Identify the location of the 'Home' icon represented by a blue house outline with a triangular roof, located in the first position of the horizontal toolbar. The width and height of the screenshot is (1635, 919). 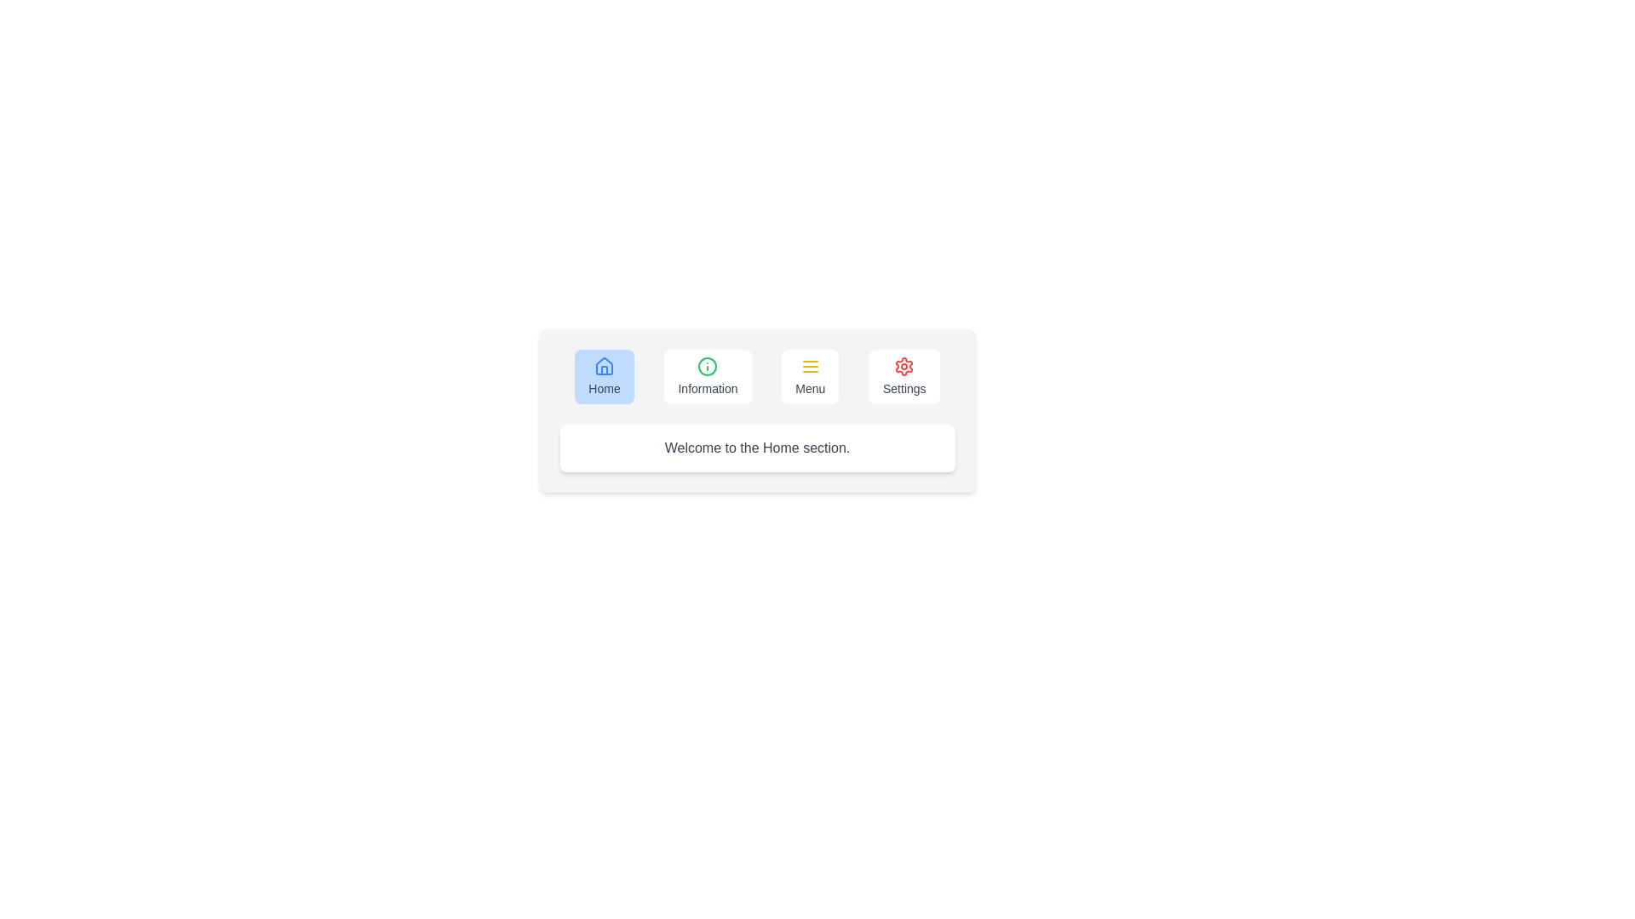
(605, 365).